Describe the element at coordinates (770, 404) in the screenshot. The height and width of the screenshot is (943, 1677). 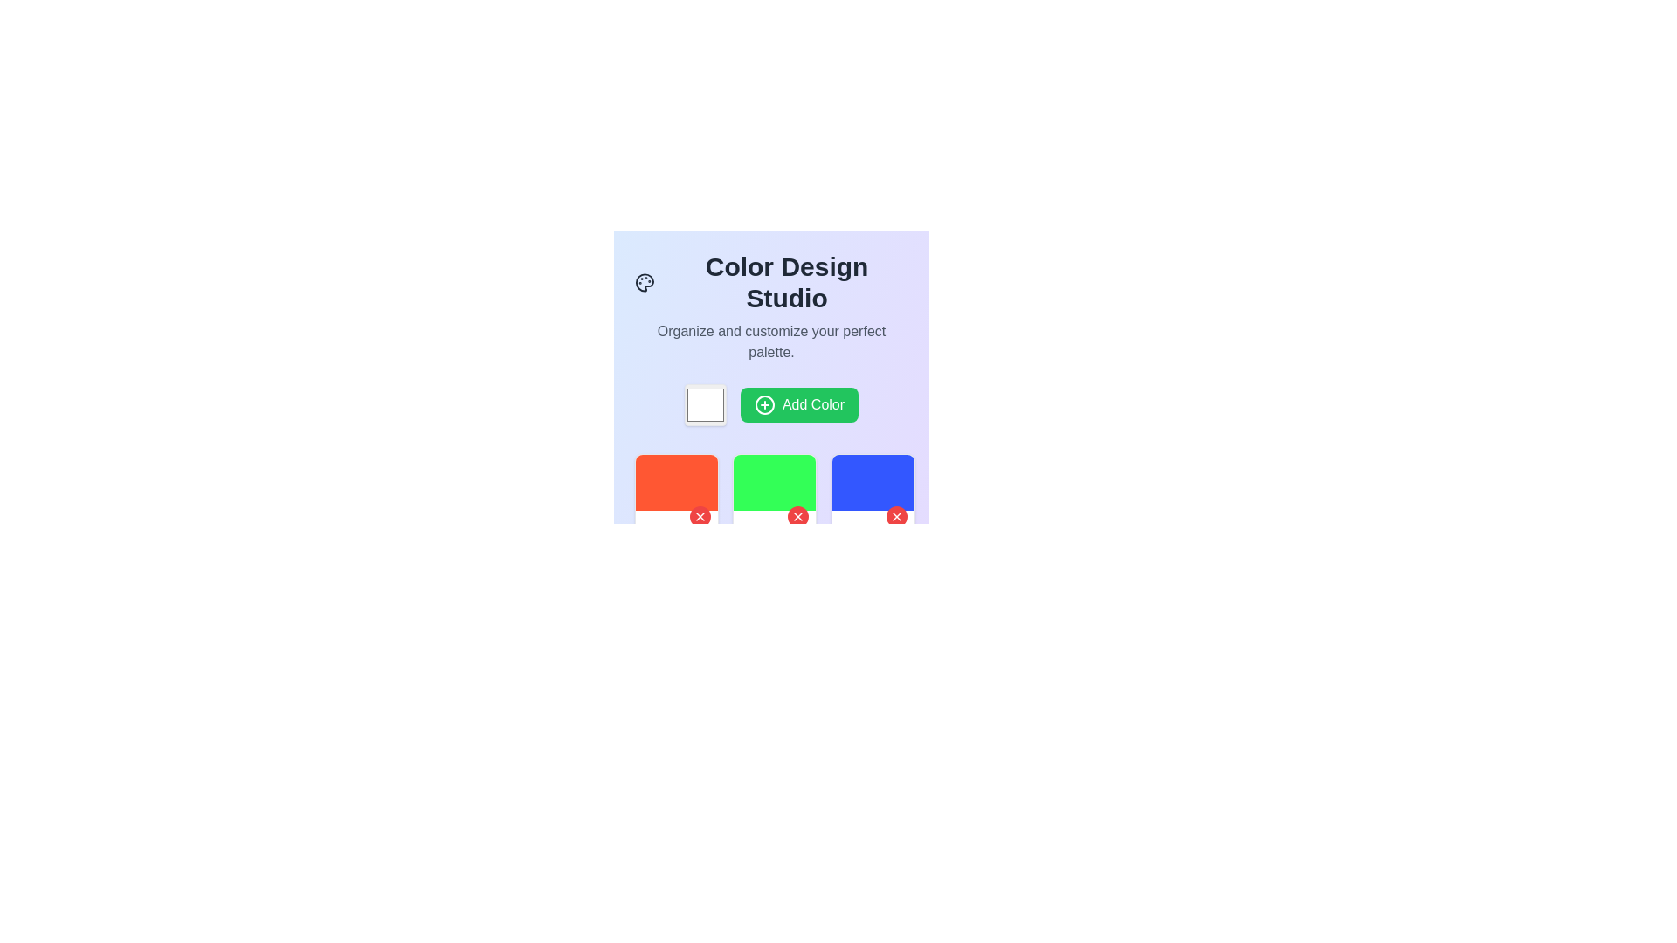
I see `the green rounded rectangular button labeled 'Add Color' with a plus sign icon` at that location.